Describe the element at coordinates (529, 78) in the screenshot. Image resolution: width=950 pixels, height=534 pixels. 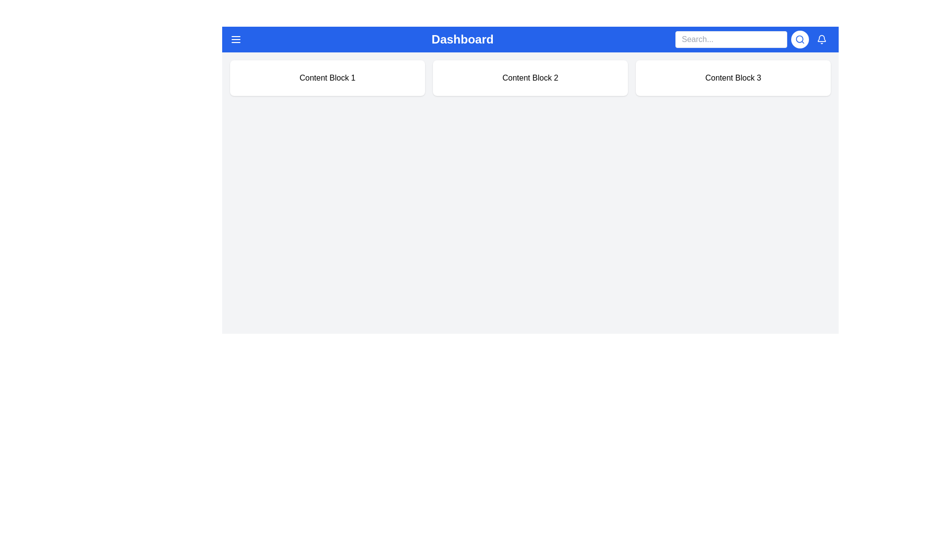
I see `the second static content block that visually groups and labels information, positioned centrally between 'Content Block 1' and 'Content Block 3'` at that location.